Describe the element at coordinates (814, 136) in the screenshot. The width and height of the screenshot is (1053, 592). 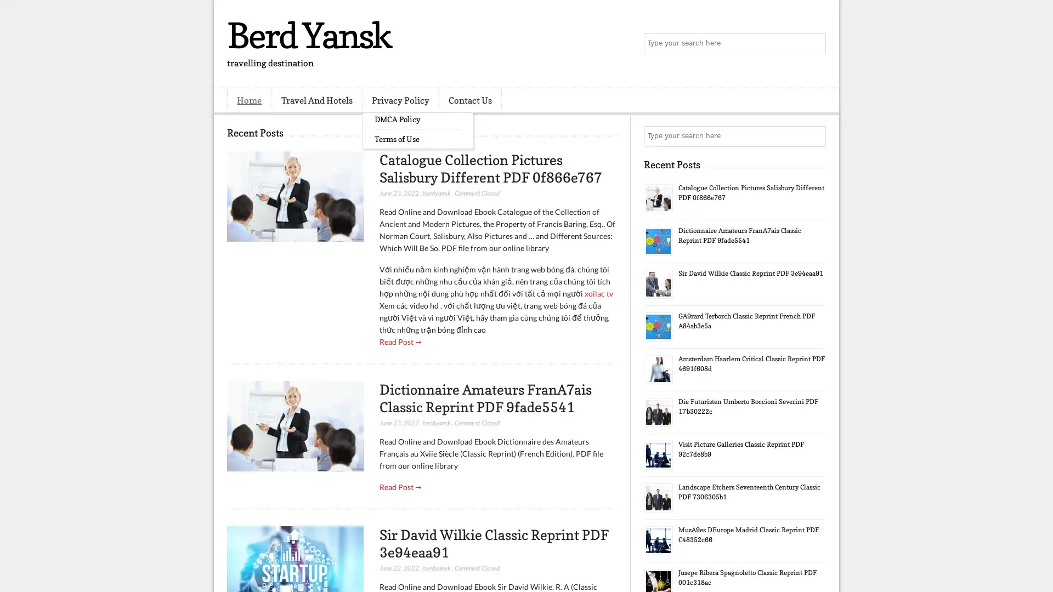
I see `Search` at that location.